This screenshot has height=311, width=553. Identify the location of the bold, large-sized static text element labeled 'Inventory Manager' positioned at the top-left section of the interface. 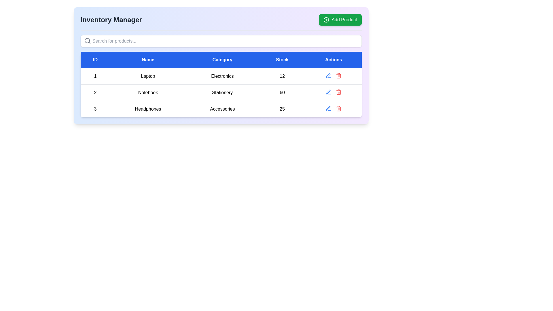
(111, 20).